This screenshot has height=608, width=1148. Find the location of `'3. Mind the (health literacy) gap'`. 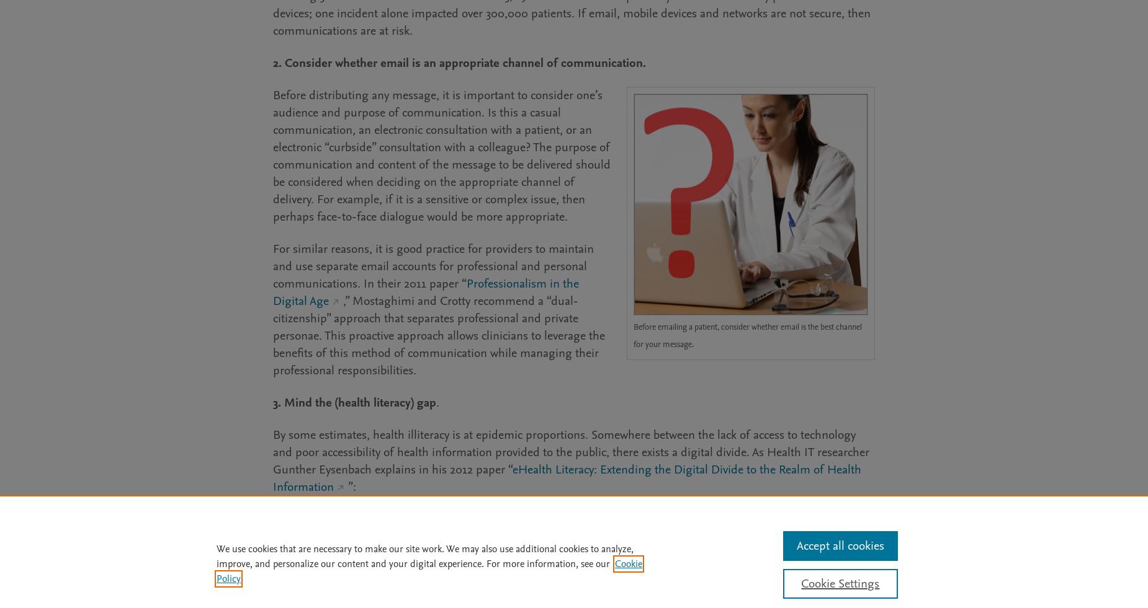

'3. Mind the (health literacy) gap' is located at coordinates (354, 402).